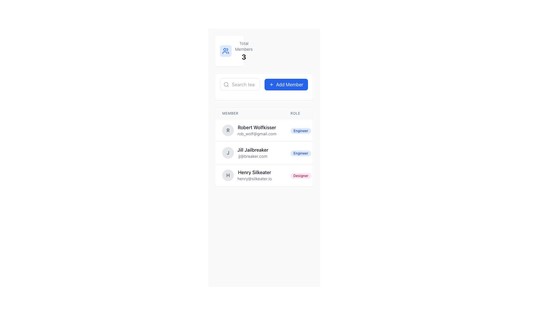 The image size is (560, 315). Describe the element at coordinates (264, 84) in the screenshot. I see `the button located in the upper-mid section of the interface, adjacent to the right of a search input field` at that location.